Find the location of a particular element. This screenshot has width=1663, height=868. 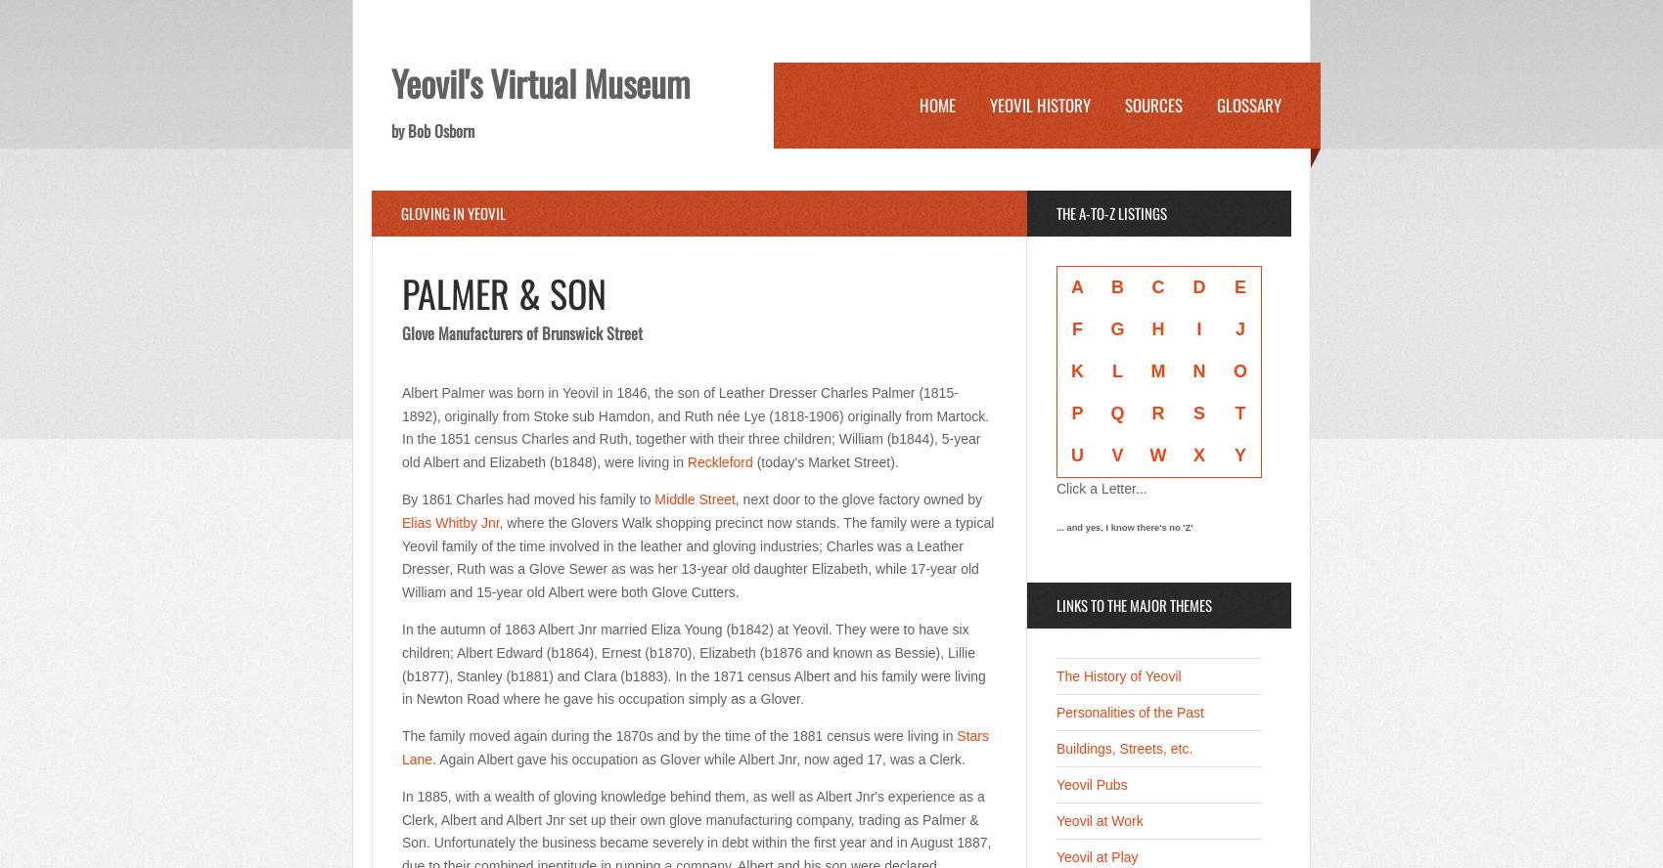

'I' is located at coordinates (1197, 328).